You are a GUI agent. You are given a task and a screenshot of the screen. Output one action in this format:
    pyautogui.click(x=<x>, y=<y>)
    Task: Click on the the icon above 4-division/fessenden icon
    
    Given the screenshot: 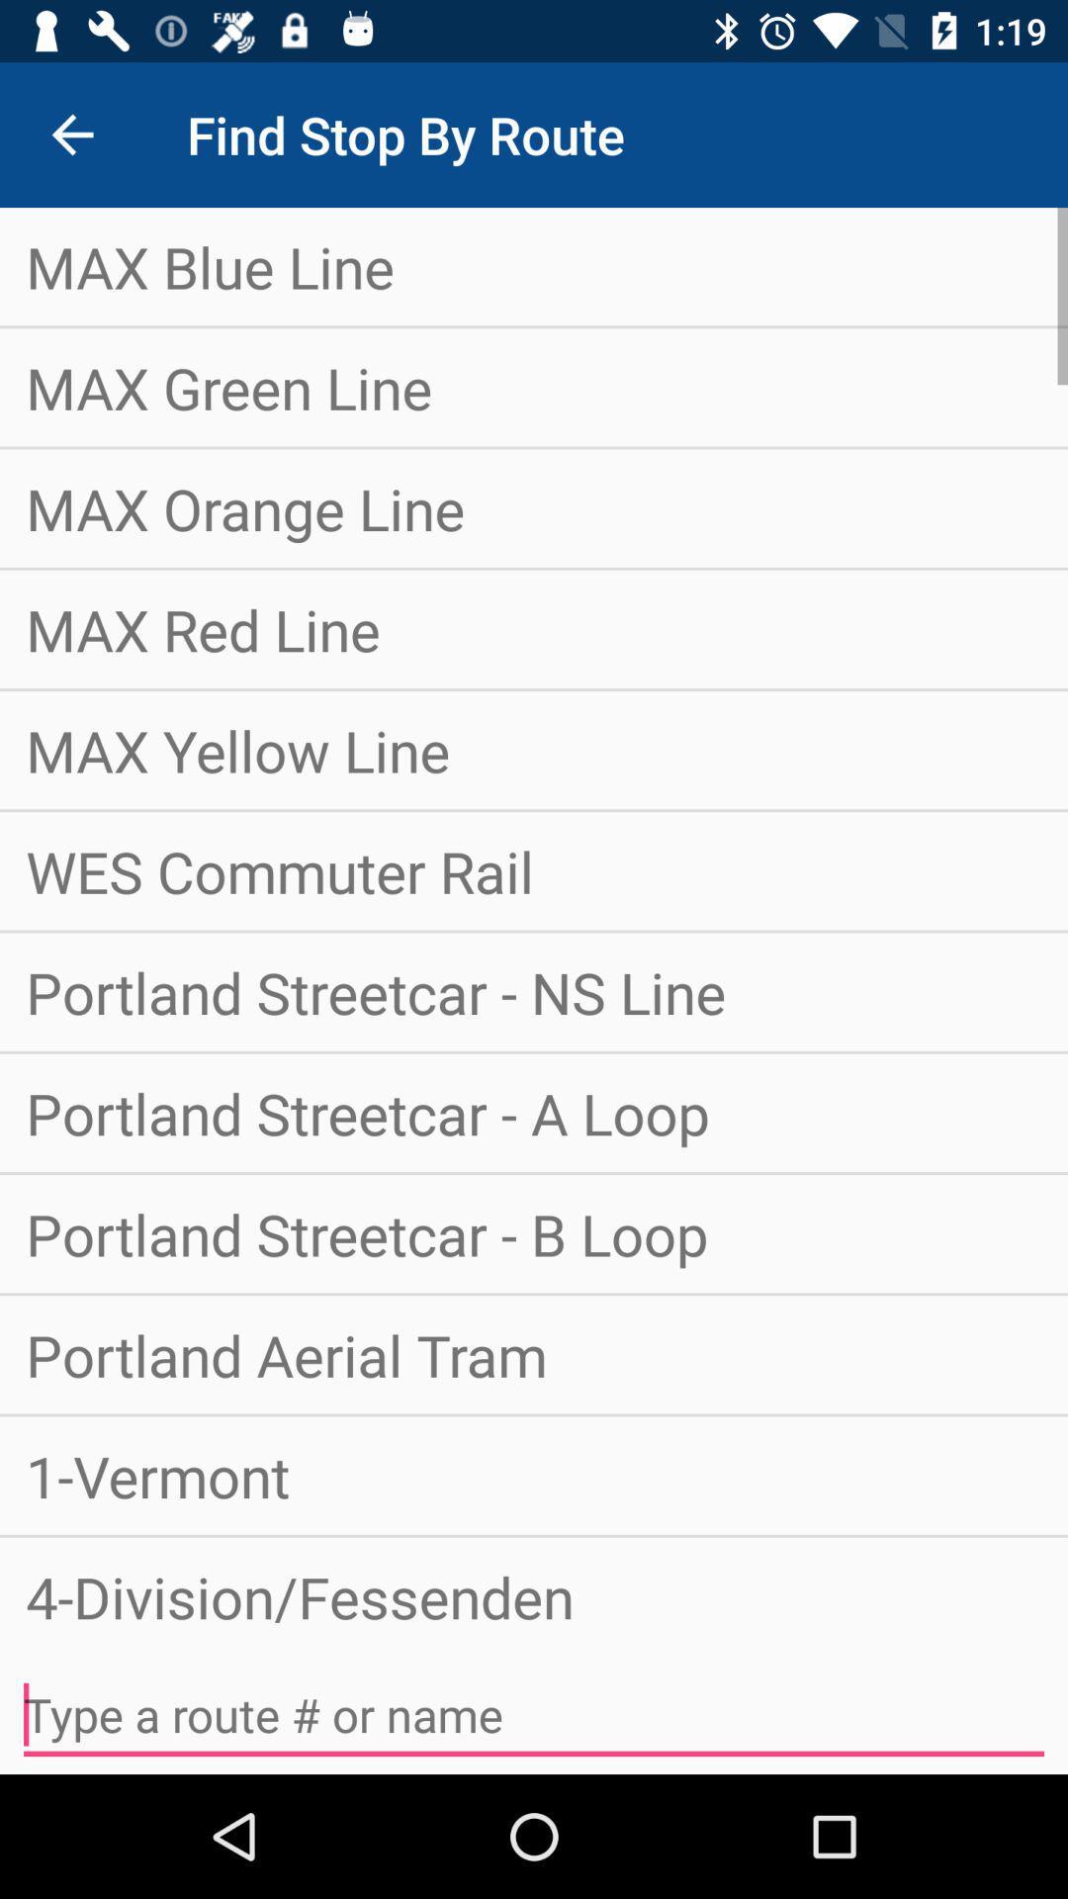 What is the action you would take?
    pyautogui.click(x=534, y=1476)
    